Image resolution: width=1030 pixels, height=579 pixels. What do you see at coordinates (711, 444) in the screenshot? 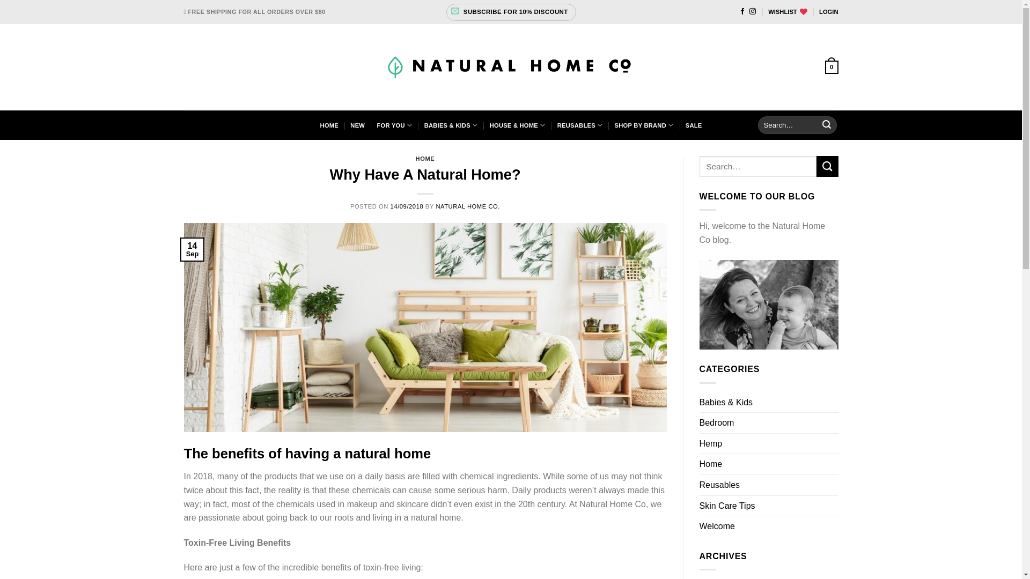
I see `'Hemp'` at bounding box center [711, 444].